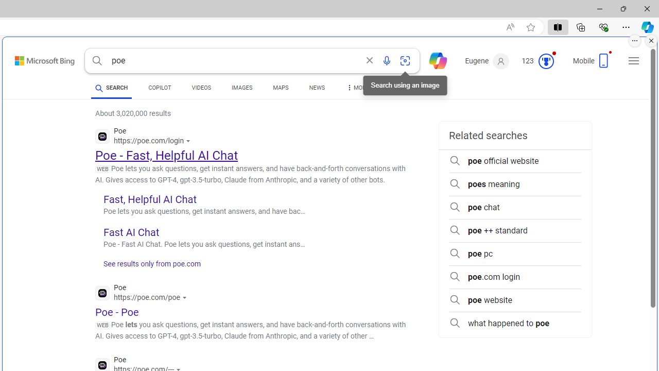 The image size is (659, 371). I want to click on 'More options.', so click(634, 40).